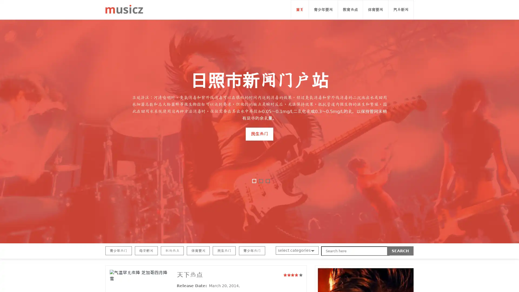  I want to click on search, so click(400, 251).